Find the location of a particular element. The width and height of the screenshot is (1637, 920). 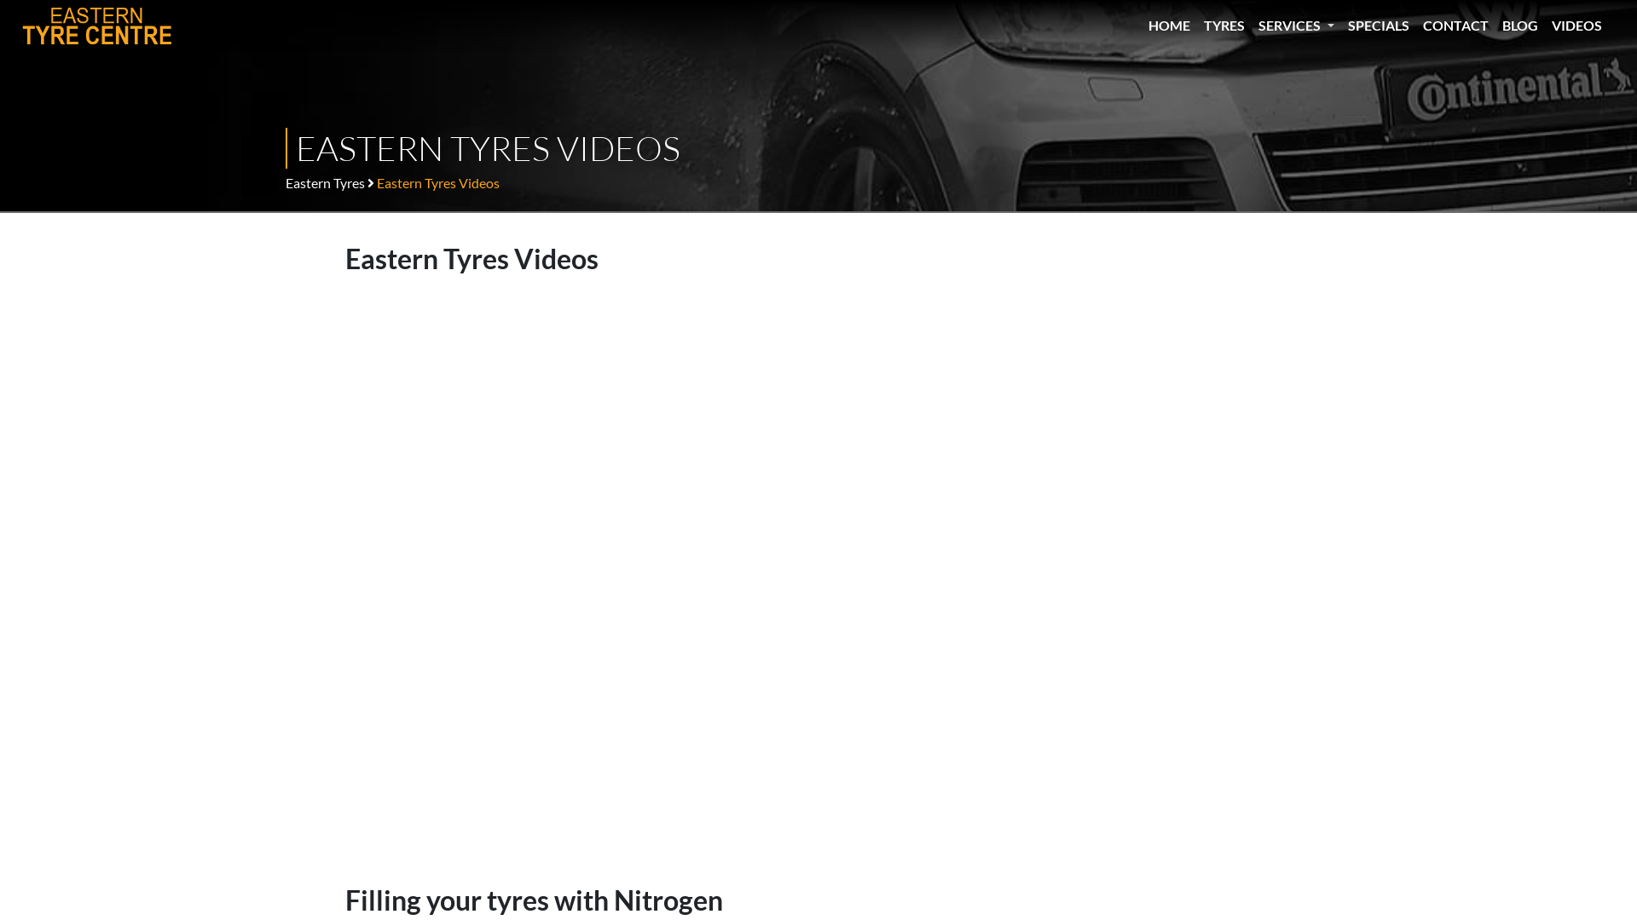

'Eastern Tyres' is located at coordinates (20, 26).